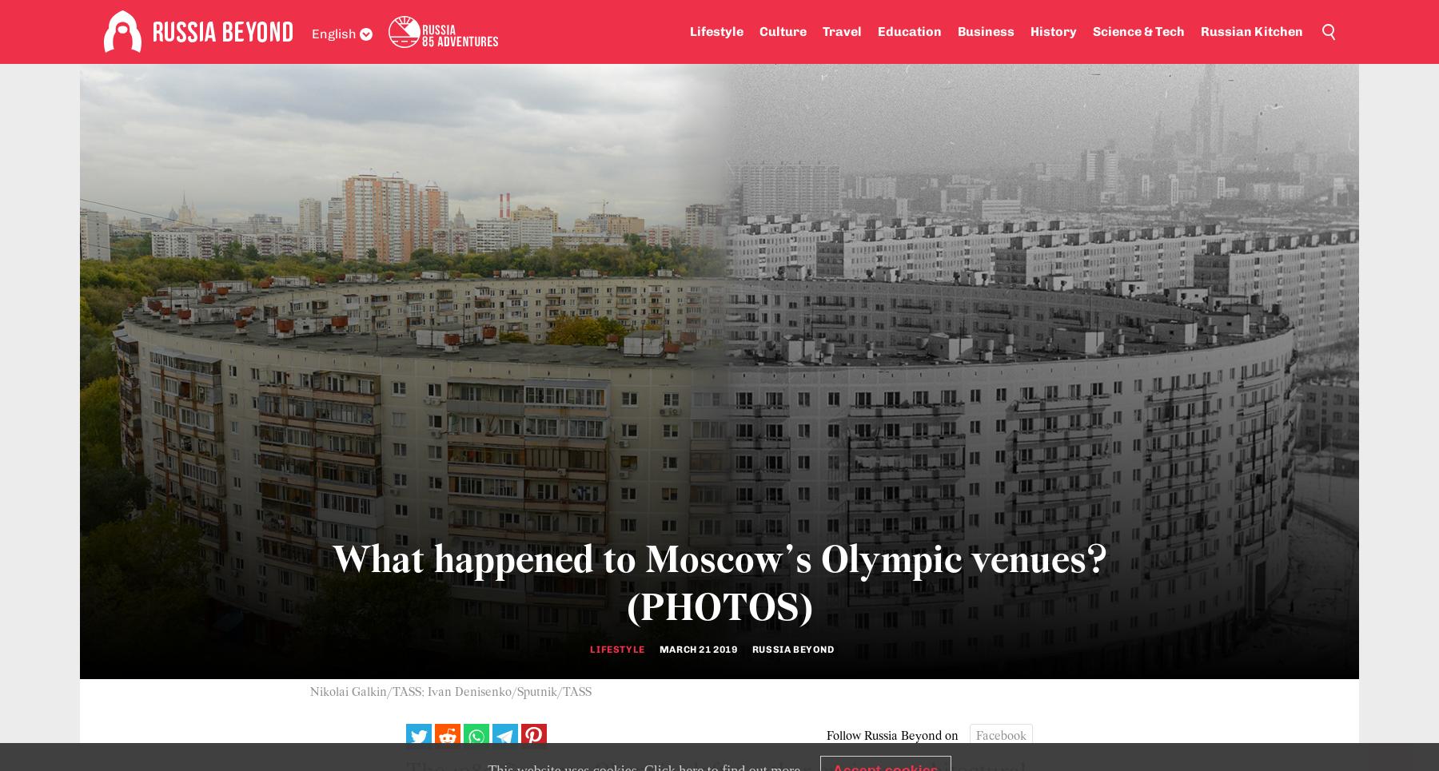 This screenshot has width=1439, height=771. I want to click on 'Culture', so click(782, 31).